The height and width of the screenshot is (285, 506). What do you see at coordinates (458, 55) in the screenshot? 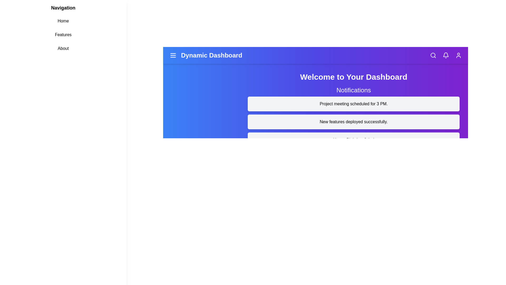
I see `the user icon to open the user profile options` at bounding box center [458, 55].